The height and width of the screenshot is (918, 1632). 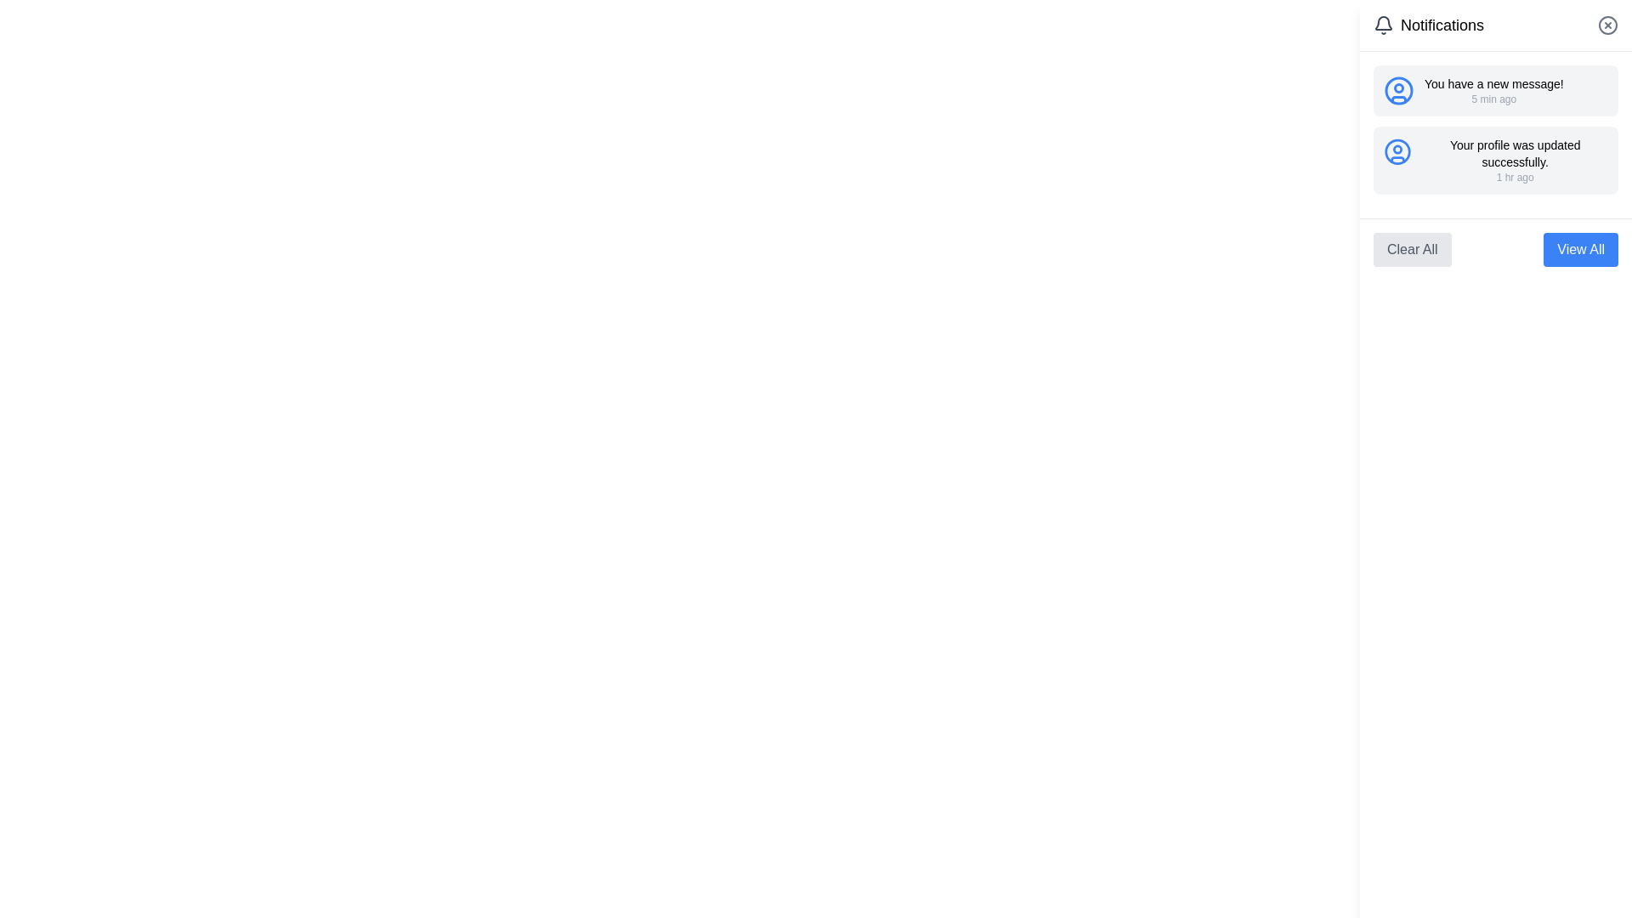 What do you see at coordinates (1442, 25) in the screenshot?
I see `text from the 'Notifications' text label, which is displayed in a bold and large font style, located next to the bell icon in the top-right corner of the interface` at bounding box center [1442, 25].